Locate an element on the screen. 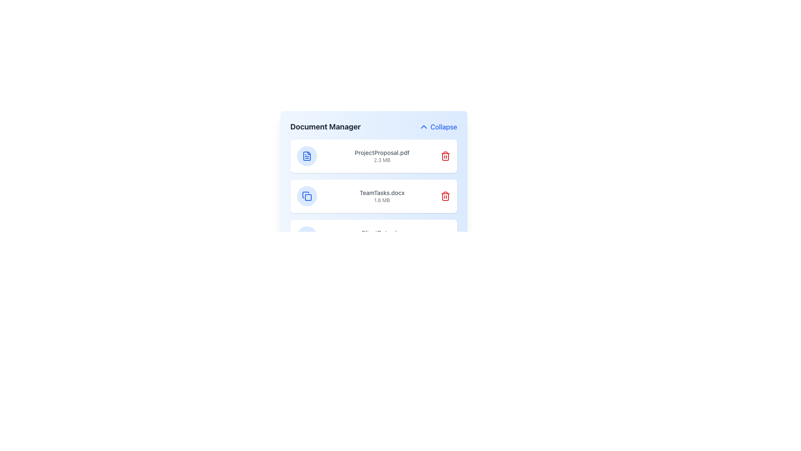  the text label displaying 'TeamTasks.docx', which is styled in text-sm and font-medium with a gray-600 color, located in the file listing interface is located at coordinates (382, 193).